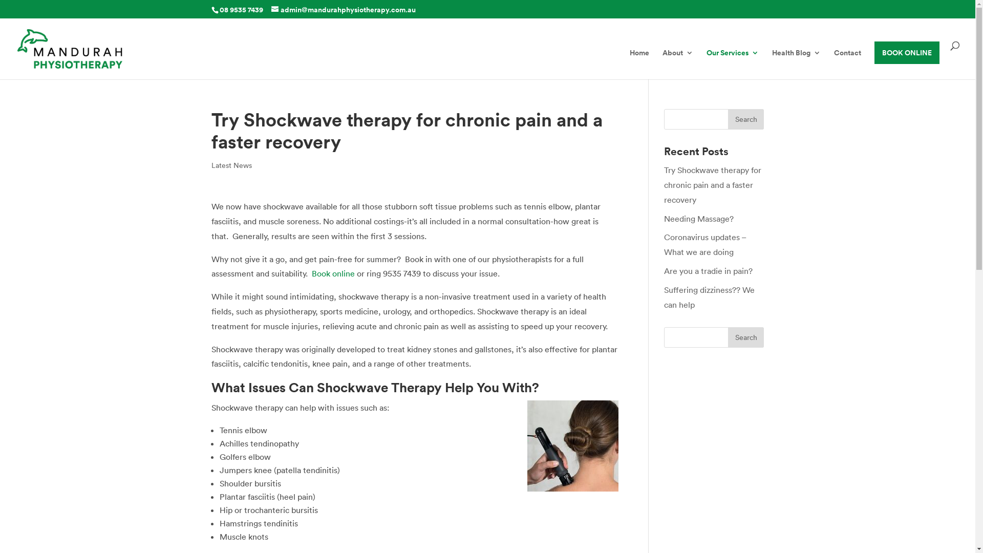 The image size is (983, 553). Describe the element at coordinates (344, 10) in the screenshot. I see `'admin@mandurahphysiotherapy.com.au'` at that location.